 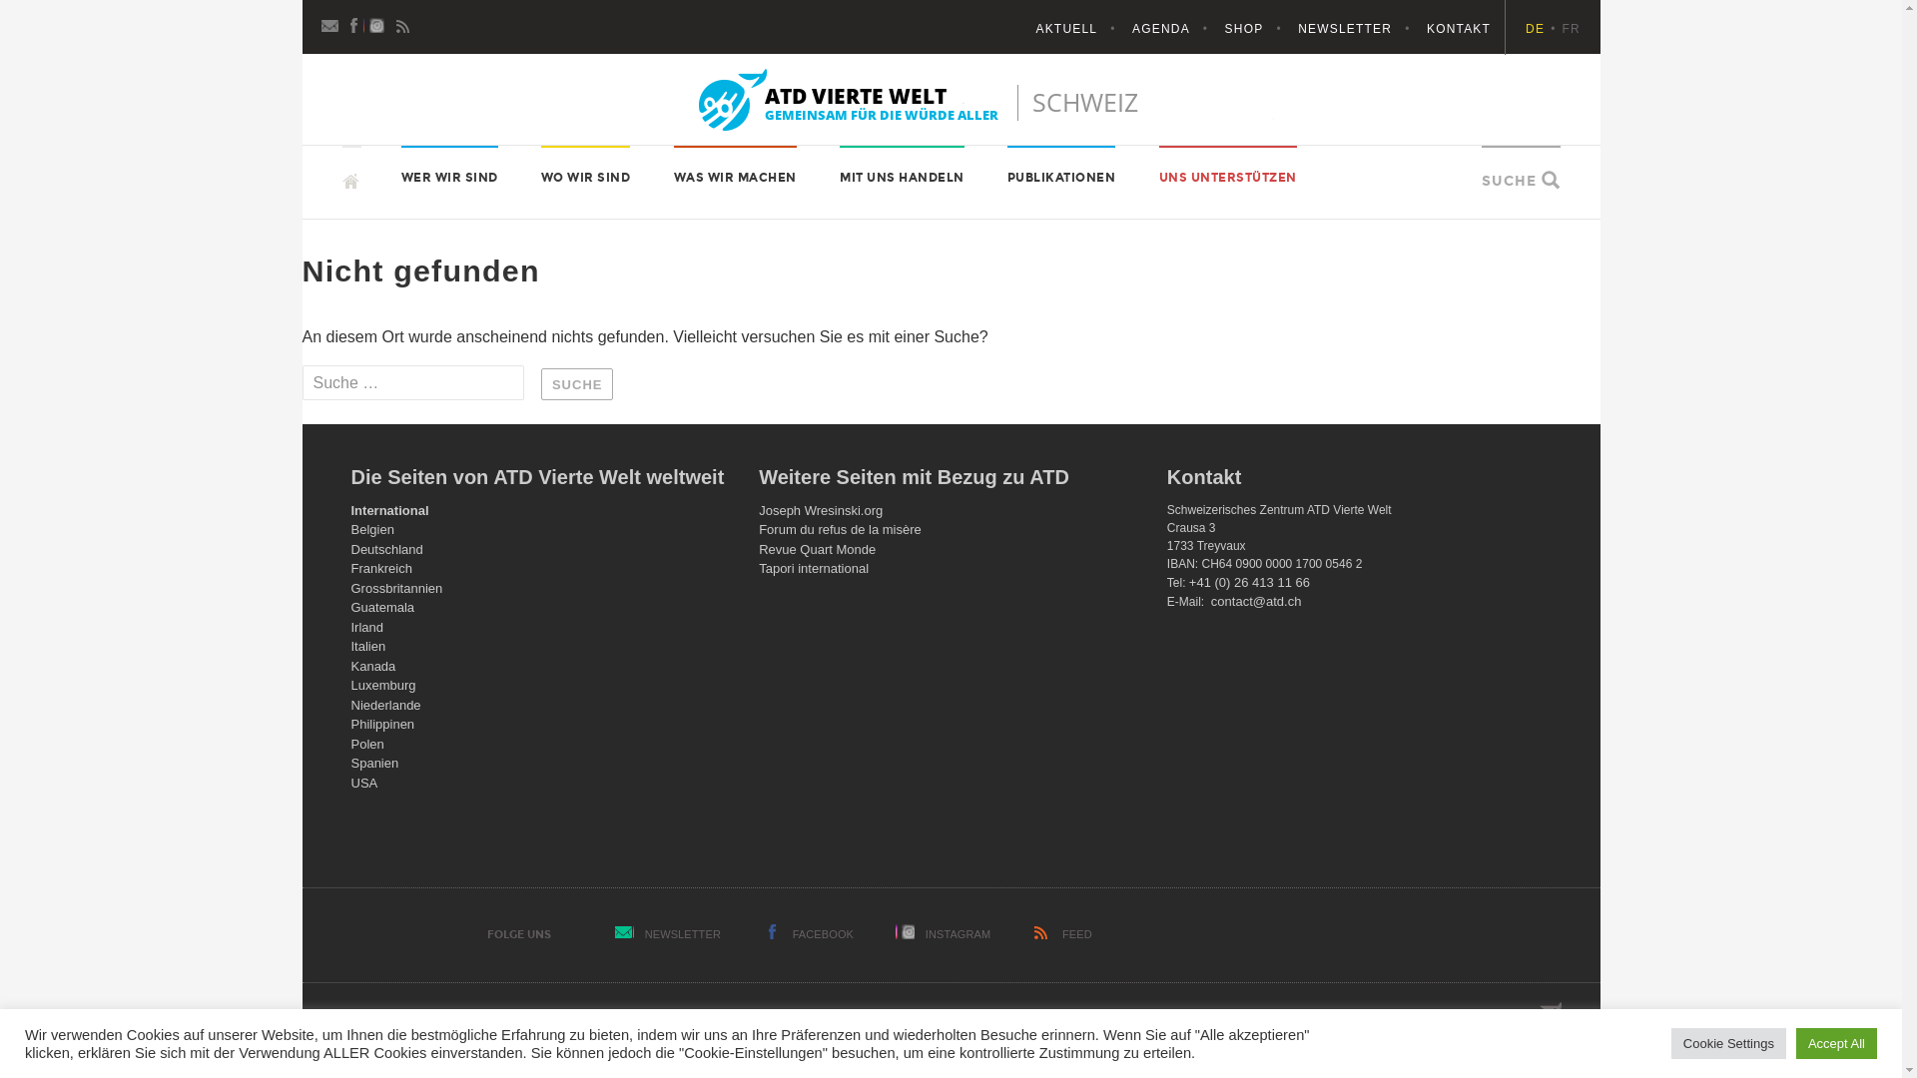 I want to click on 'FR', so click(x=1571, y=29).